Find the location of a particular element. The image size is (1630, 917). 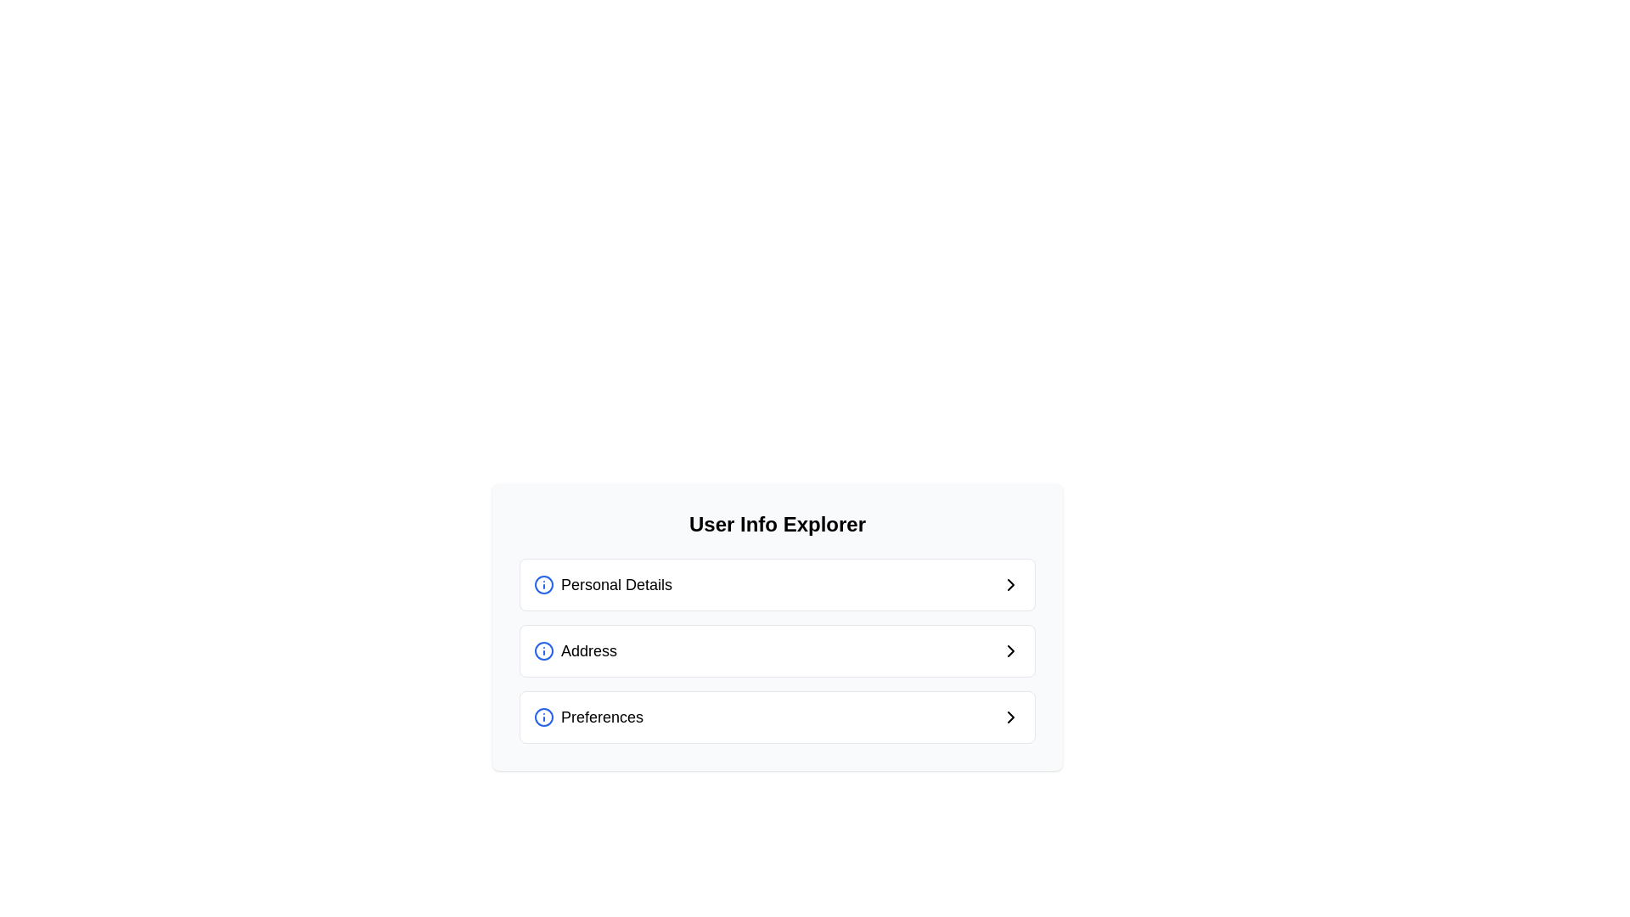

the circular blue information icon located to the left of the 'Personal Details' text is located at coordinates (544, 584).